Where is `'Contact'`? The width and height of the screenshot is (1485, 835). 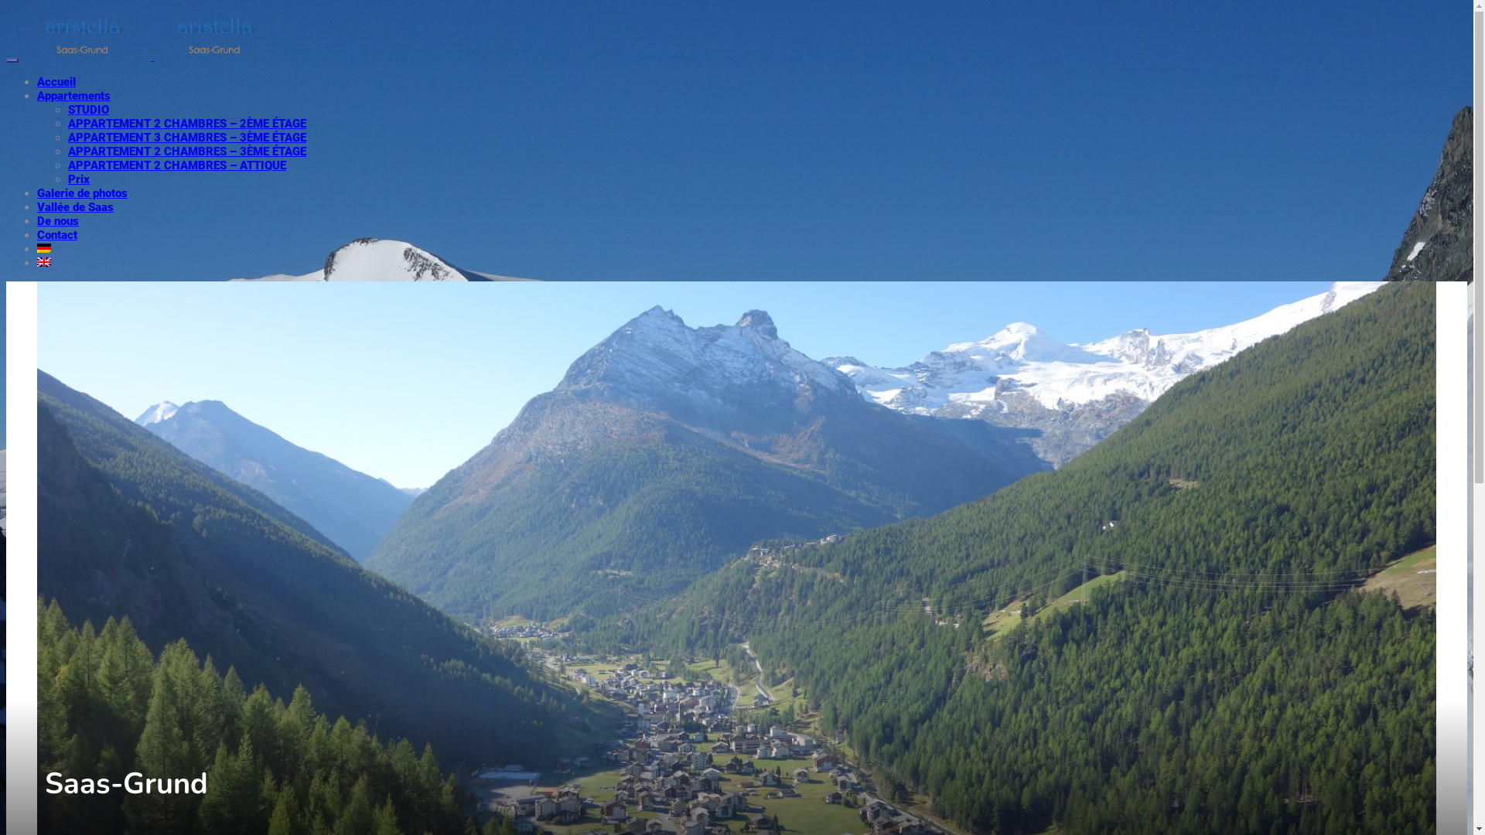 'Contact' is located at coordinates (56, 235).